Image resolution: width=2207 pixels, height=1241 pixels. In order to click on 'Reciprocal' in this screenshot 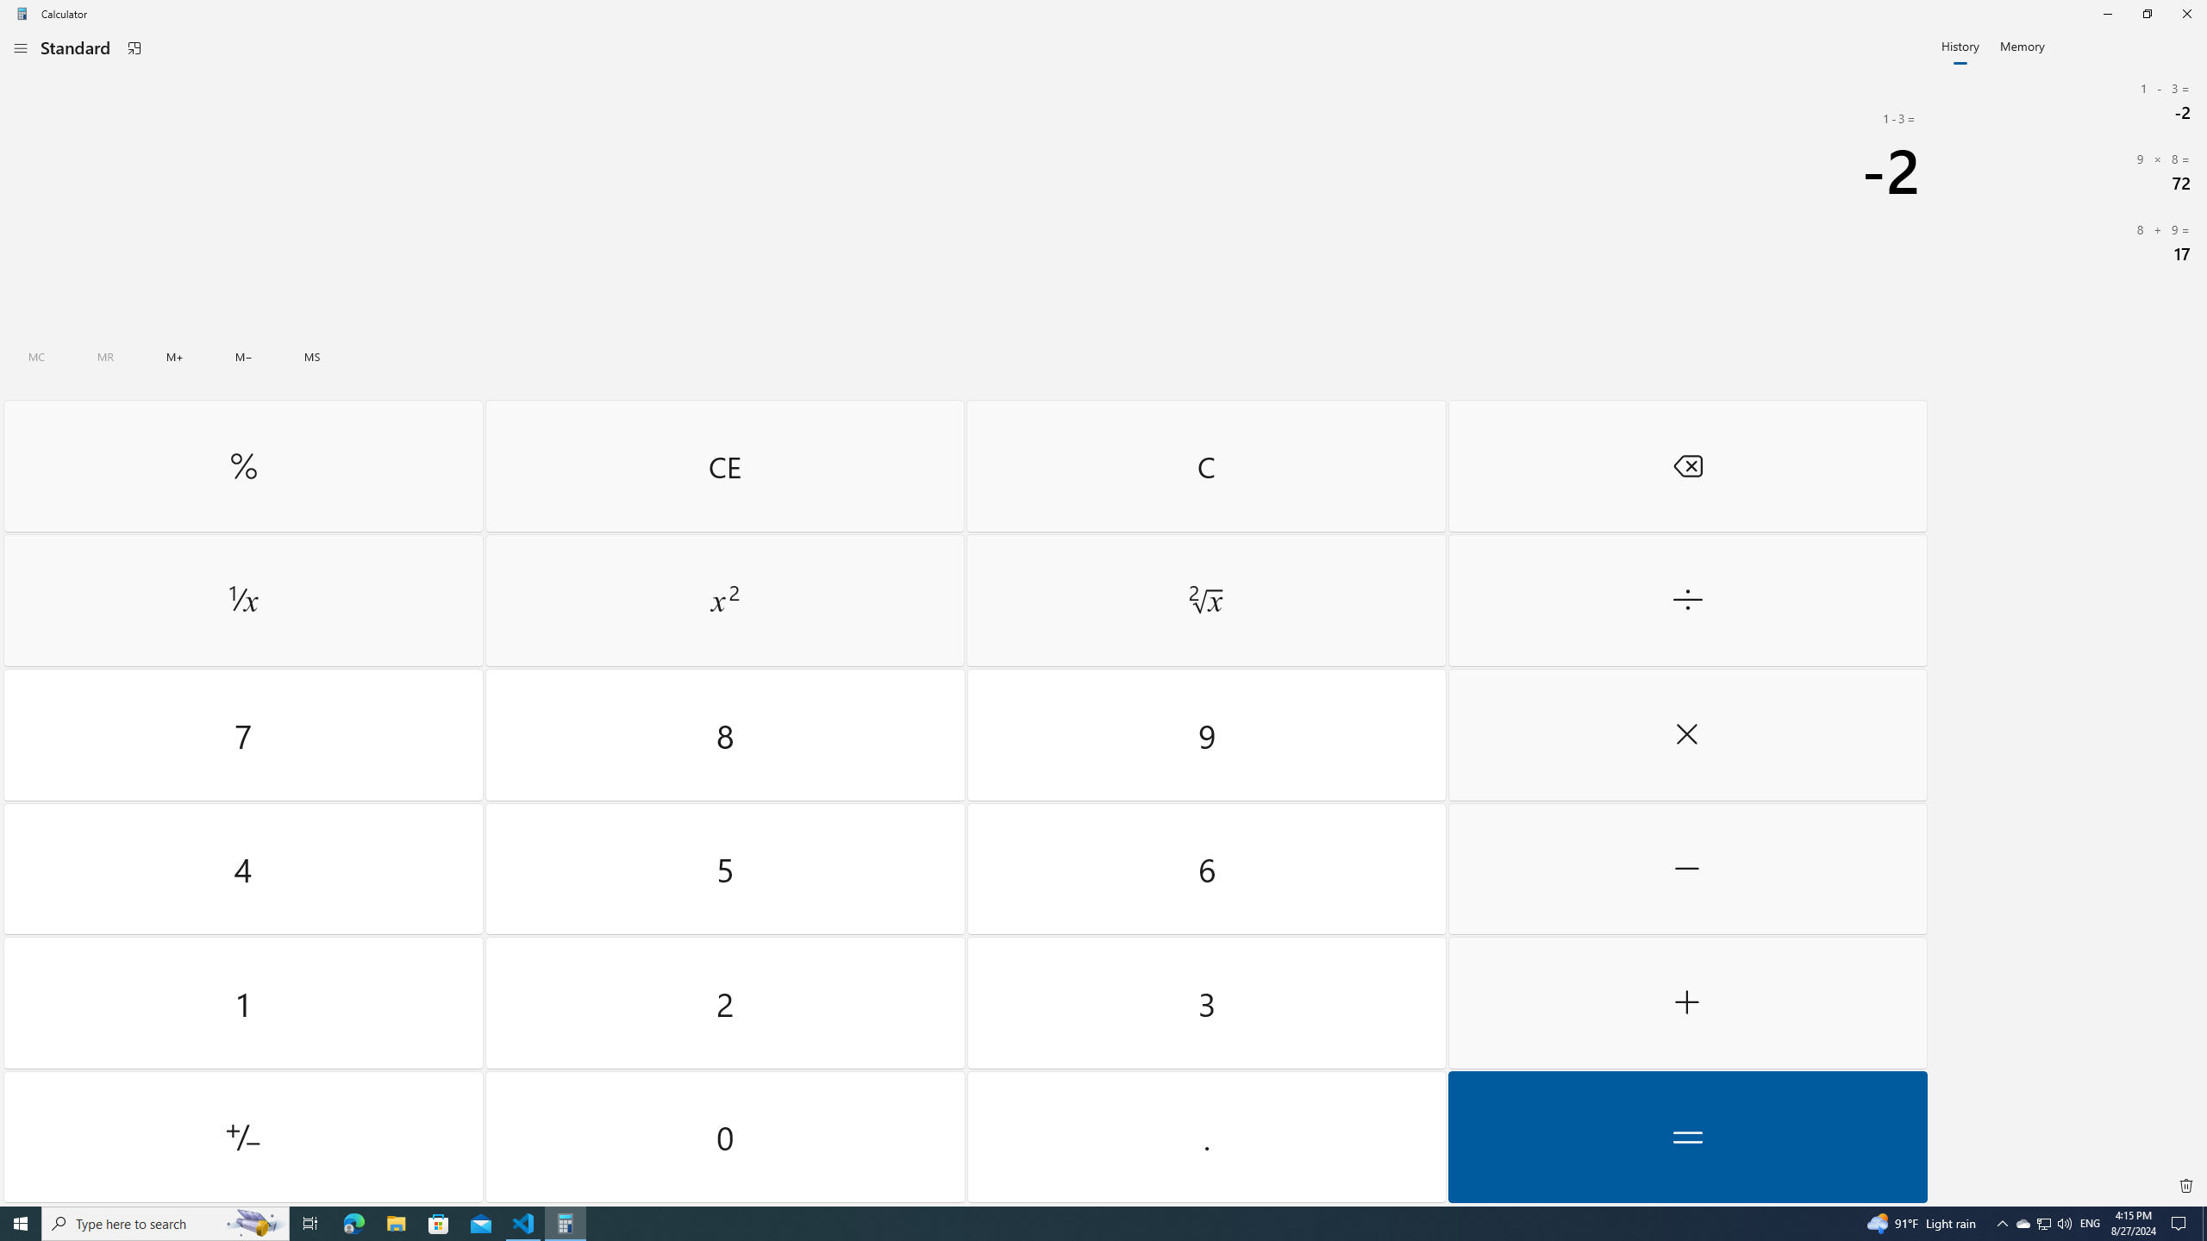, I will do `click(242, 601)`.